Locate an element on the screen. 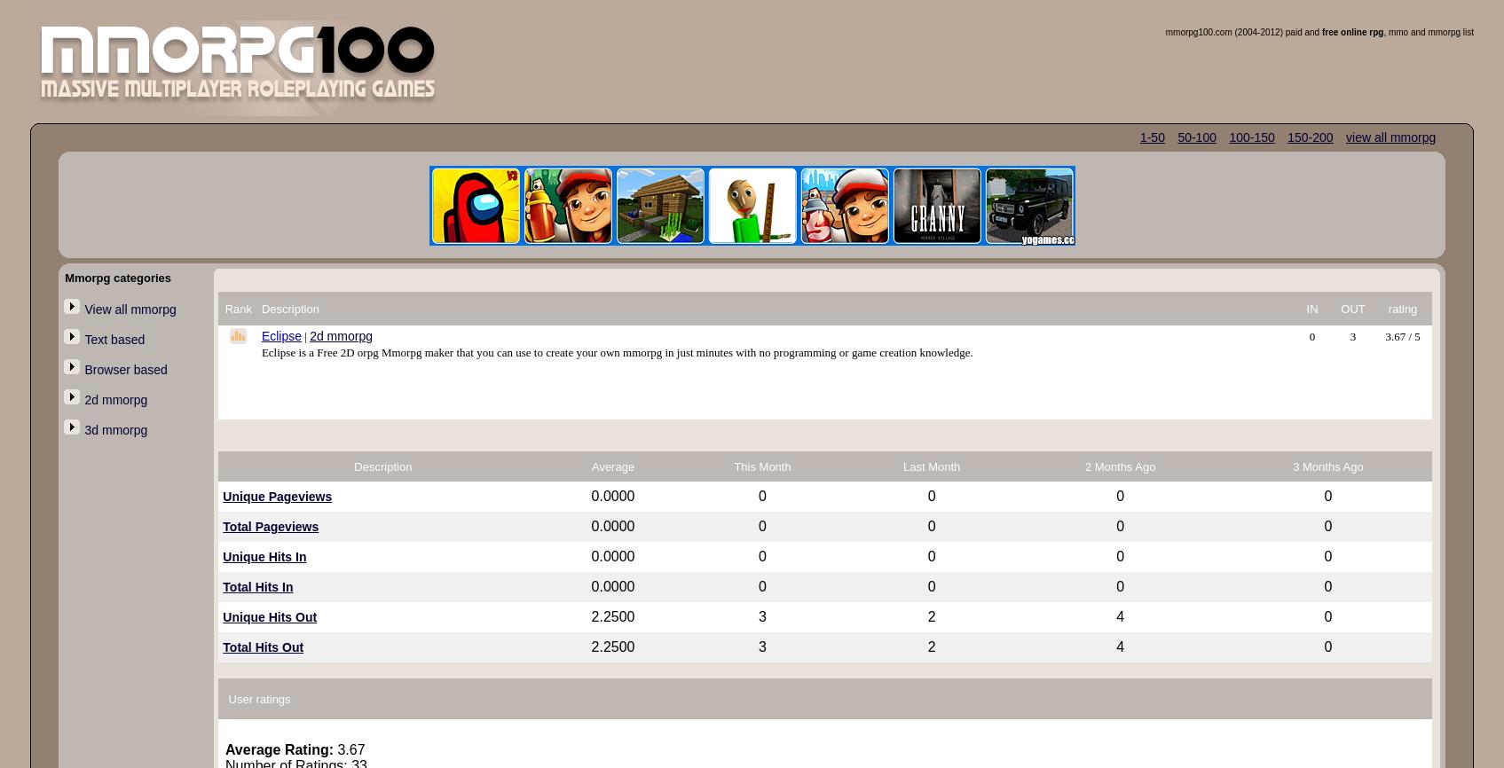 The image size is (1504, 768). 'View all mmorpg' is located at coordinates (83, 307).